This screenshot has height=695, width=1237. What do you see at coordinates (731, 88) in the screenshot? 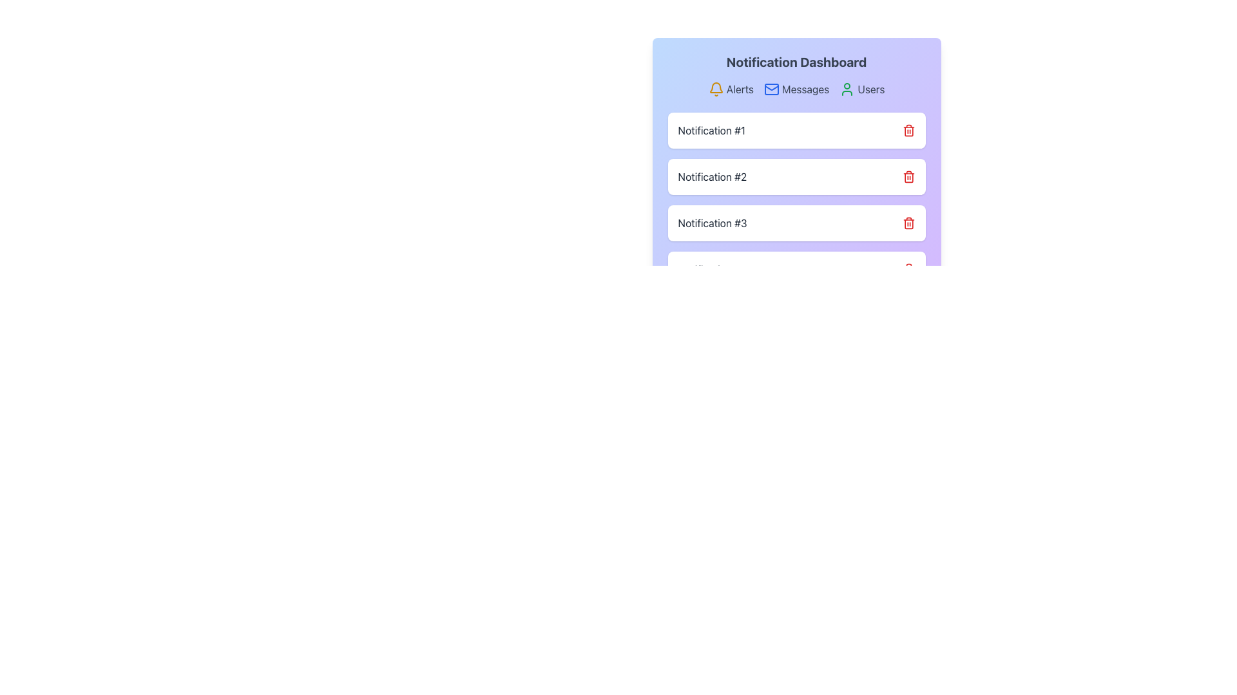
I see `the 'Alerts' navigation item, which features a yellow bell icon and gray text` at bounding box center [731, 88].